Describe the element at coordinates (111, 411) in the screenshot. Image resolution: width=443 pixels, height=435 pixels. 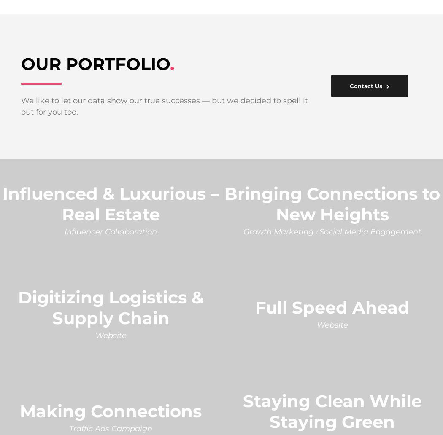
I see `'Making Connections'` at that location.